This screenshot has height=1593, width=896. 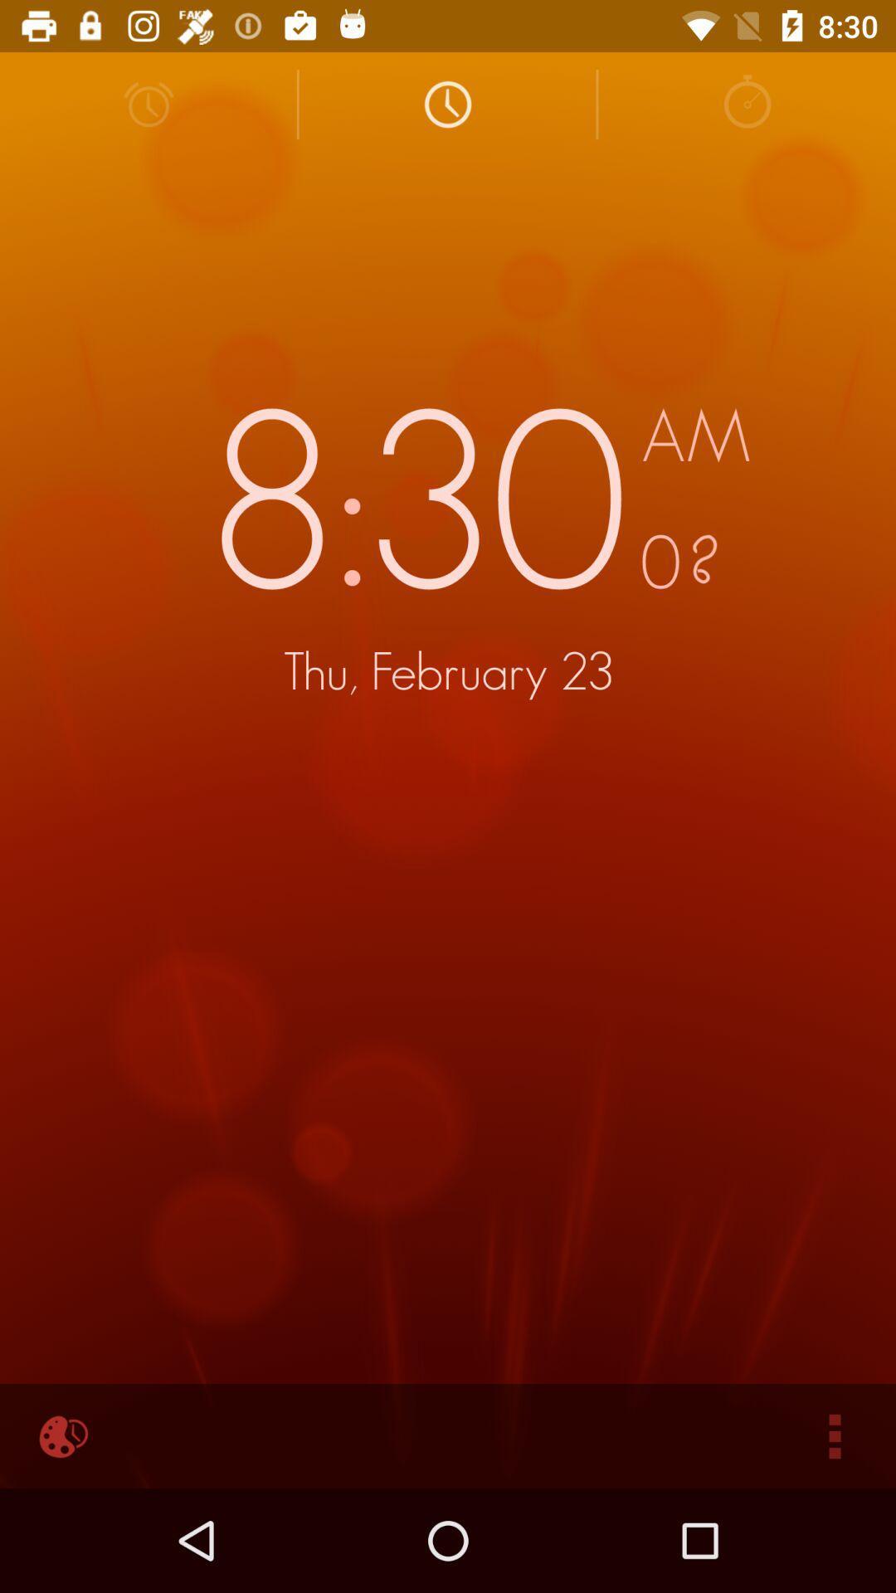 What do you see at coordinates (60, 1435) in the screenshot?
I see `the item at the bottom left corner` at bounding box center [60, 1435].